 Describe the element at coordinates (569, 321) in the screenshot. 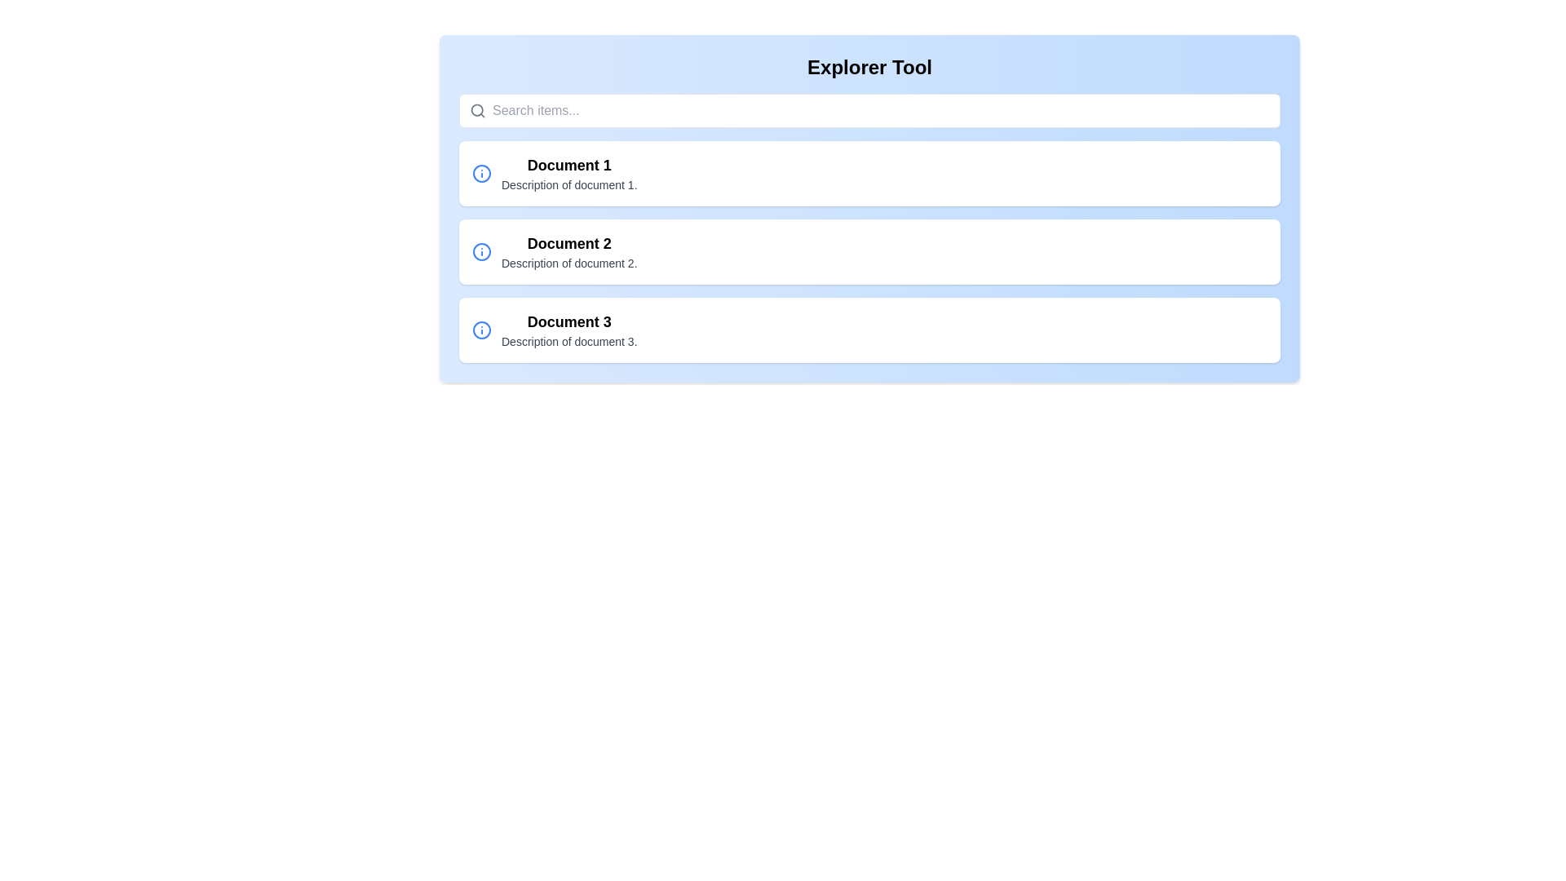

I see `the bold black text displaying 'Document 3', which is the third header in the list, prominently positioned at the top of its section` at that location.